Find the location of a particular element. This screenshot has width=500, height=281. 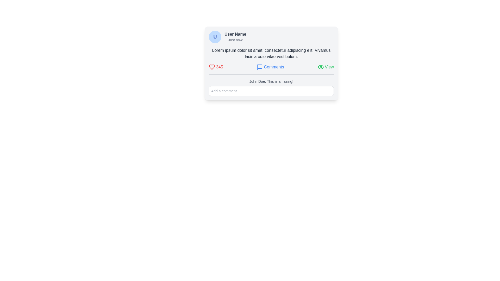

the comment icon located is located at coordinates (260, 67).